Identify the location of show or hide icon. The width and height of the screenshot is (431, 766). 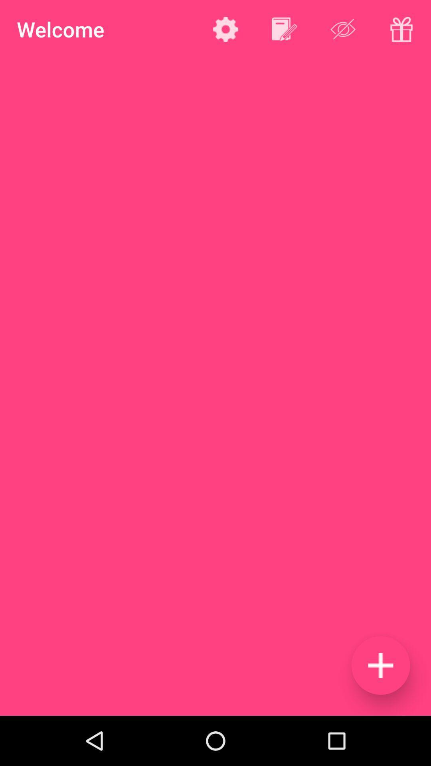
(342, 29).